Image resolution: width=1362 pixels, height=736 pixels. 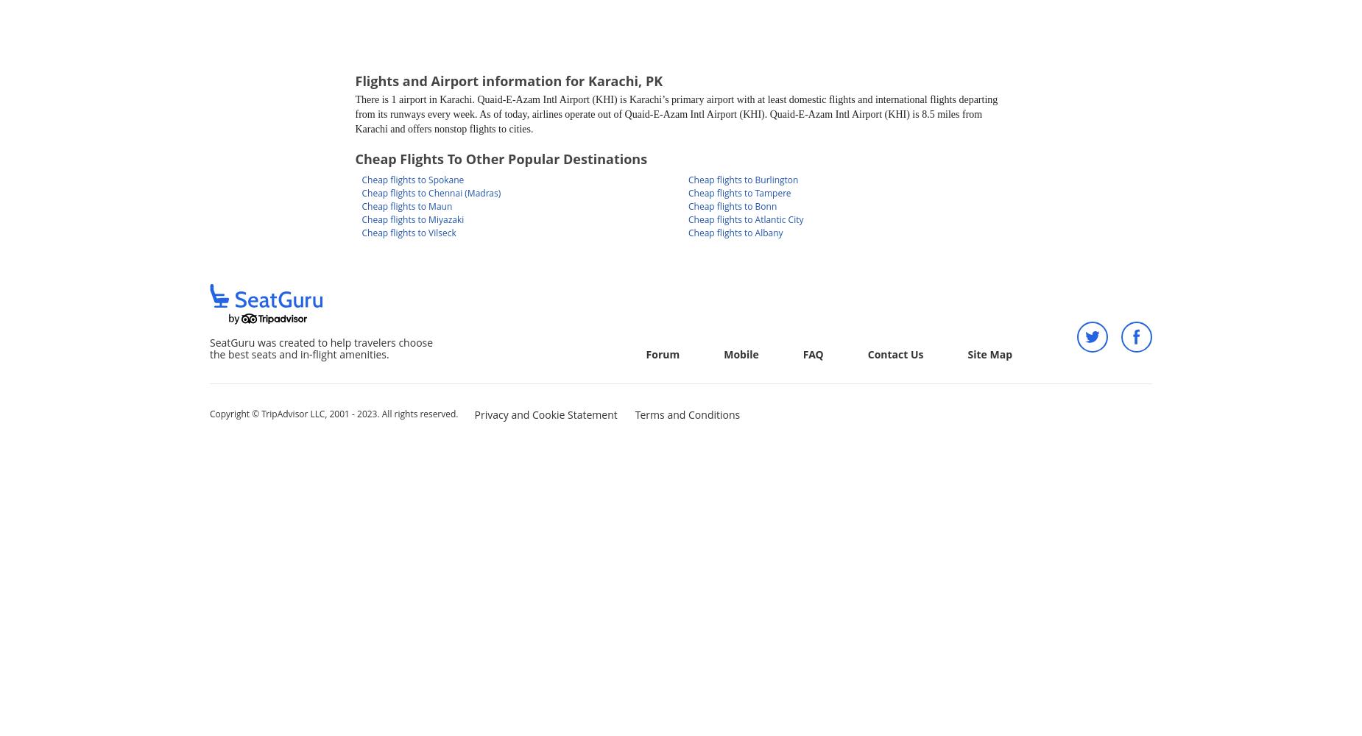 I want to click on 'Forum', so click(x=663, y=353).